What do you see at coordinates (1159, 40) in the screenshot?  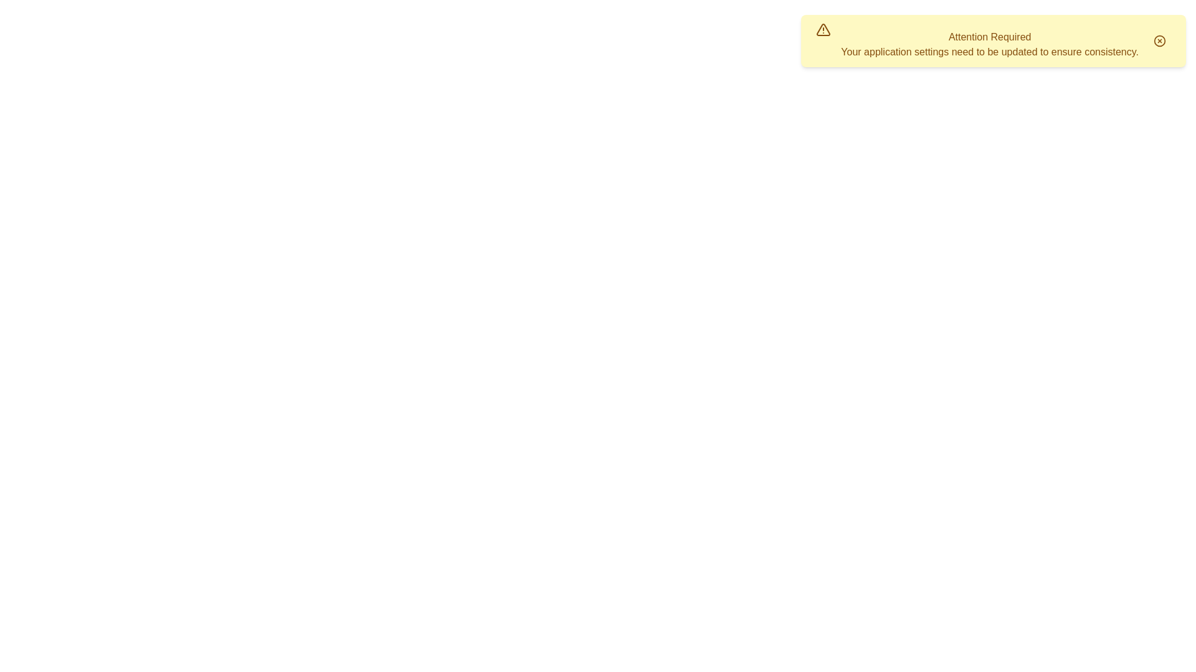 I see `the circular yellow button with an 'X' icon` at bounding box center [1159, 40].